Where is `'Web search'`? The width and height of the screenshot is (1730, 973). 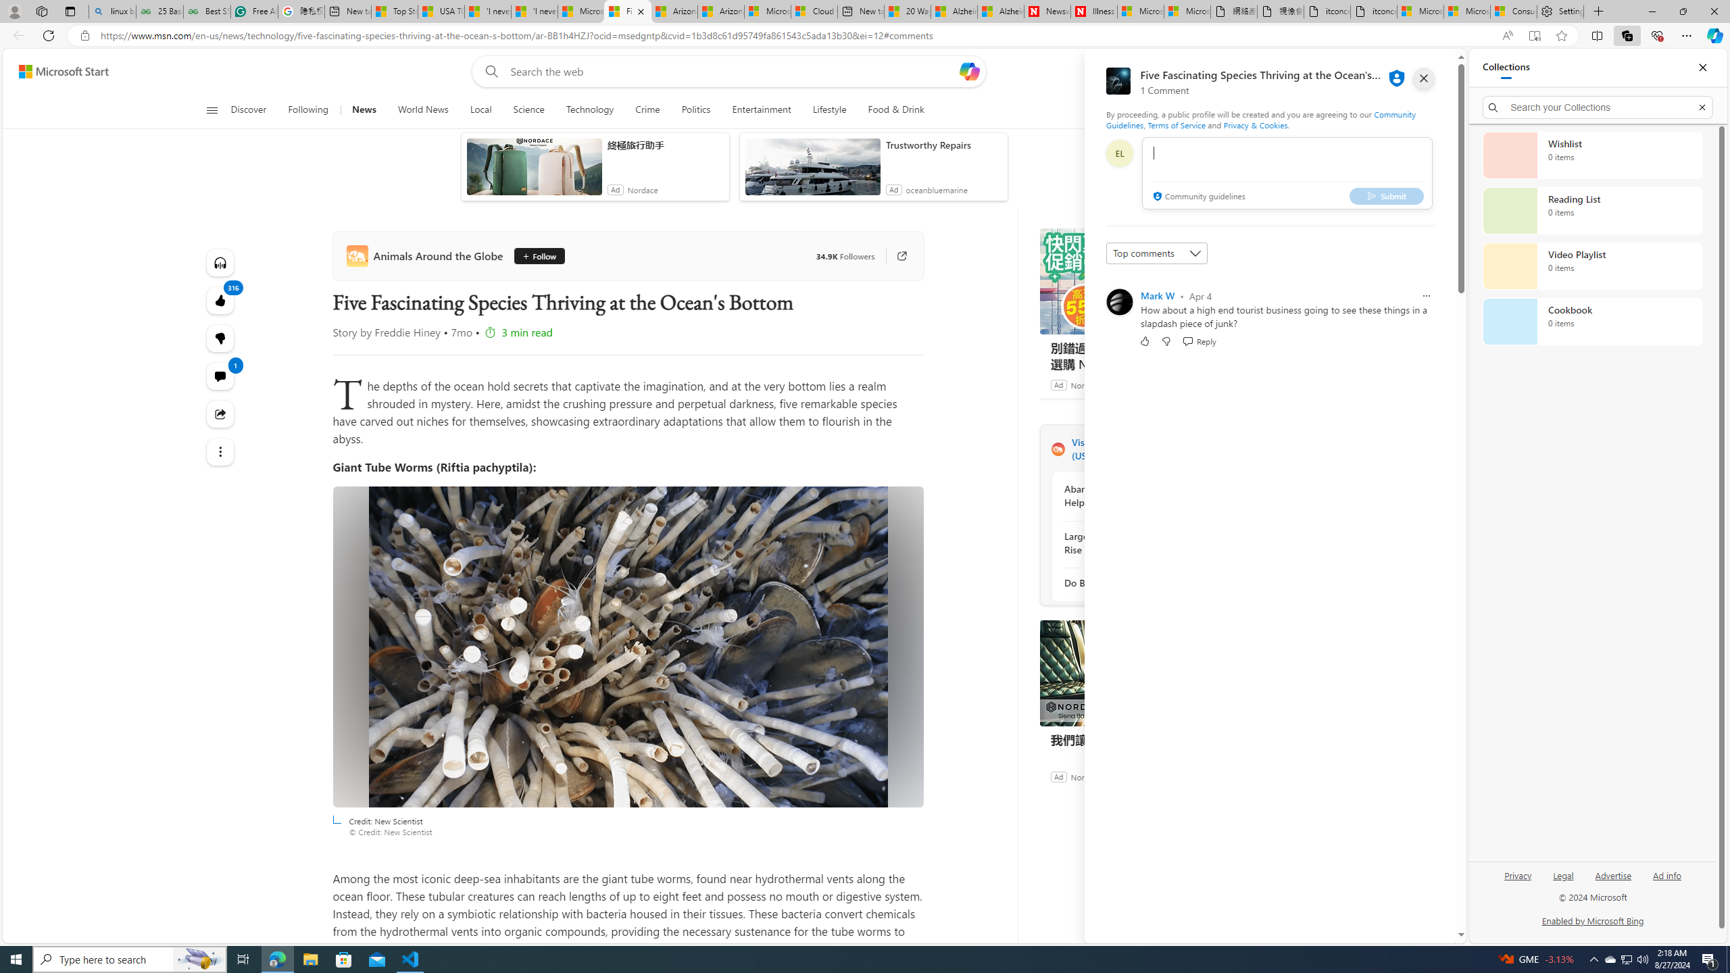 'Web search' is located at coordinates (489, 72).